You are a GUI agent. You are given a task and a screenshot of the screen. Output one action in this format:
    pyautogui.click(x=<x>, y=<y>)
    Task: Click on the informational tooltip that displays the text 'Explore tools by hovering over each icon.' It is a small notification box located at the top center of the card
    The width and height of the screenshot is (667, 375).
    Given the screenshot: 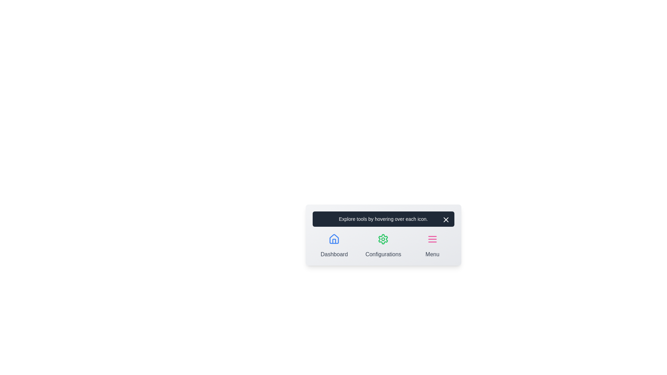 What is the action you would take?
    pyautogui.click(x=383, y=219)
    